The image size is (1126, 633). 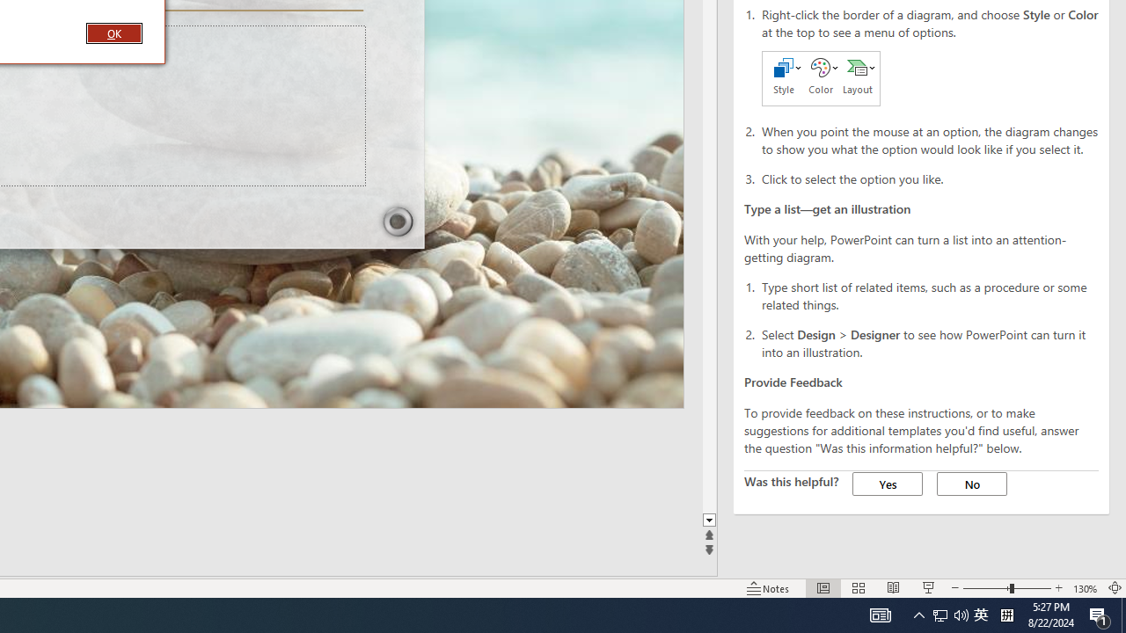 What do you see at coordinates (1085, 588) in the screenshot?
I see `'Zoom 130%'` at bounding box center [1085, 588].